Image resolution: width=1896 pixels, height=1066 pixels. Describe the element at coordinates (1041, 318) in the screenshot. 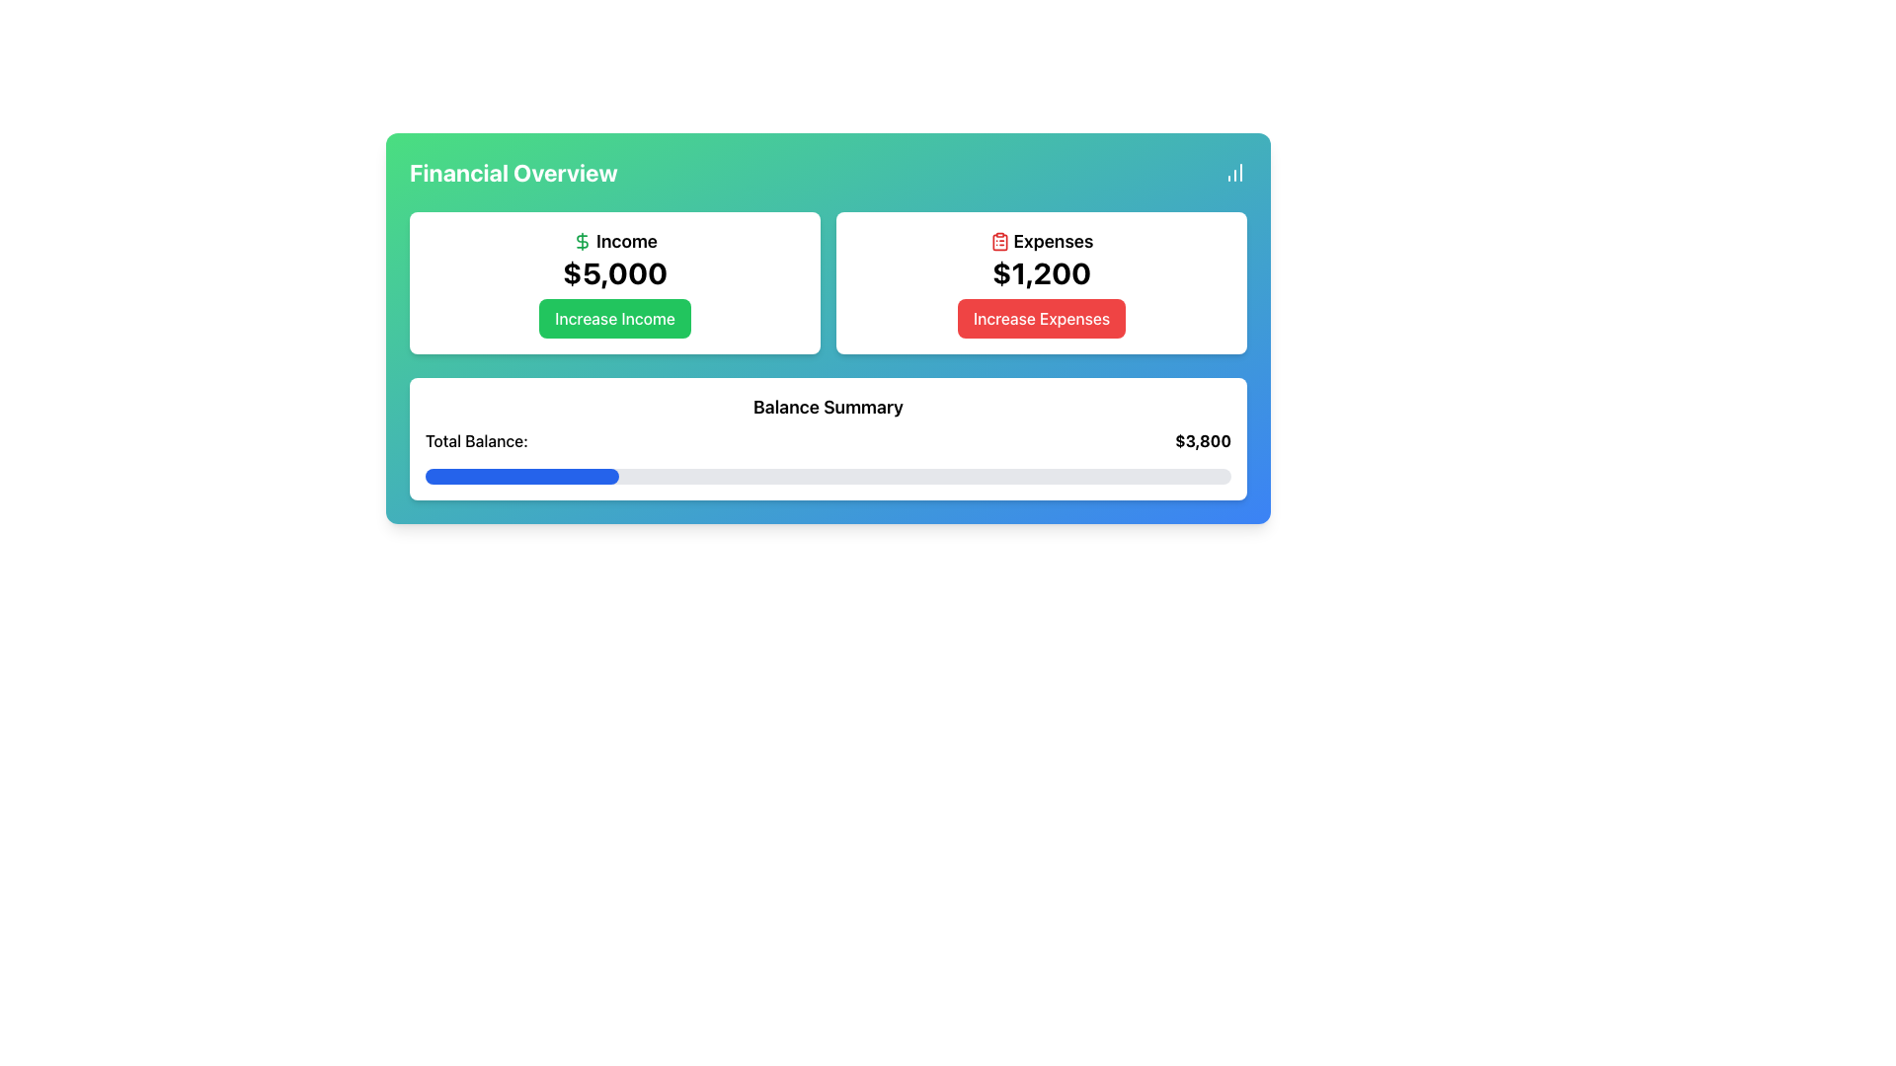

I see `the red button labeled 'Increase Expenses'` at that location.